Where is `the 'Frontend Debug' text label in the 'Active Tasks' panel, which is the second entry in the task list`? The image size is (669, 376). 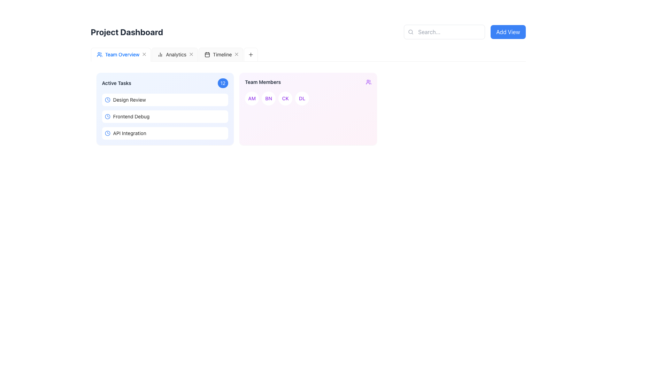
the 'Frontend Debug' text label in the 'Active Tasks' panel, which is the second entry in the task list is located at coordinates (131, 116).